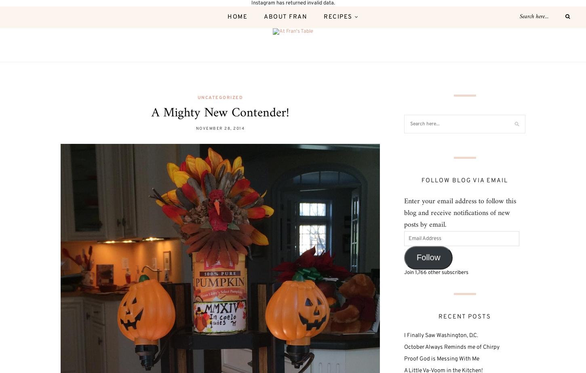  I want to click on 'Uncategorized', so click(220, 97).